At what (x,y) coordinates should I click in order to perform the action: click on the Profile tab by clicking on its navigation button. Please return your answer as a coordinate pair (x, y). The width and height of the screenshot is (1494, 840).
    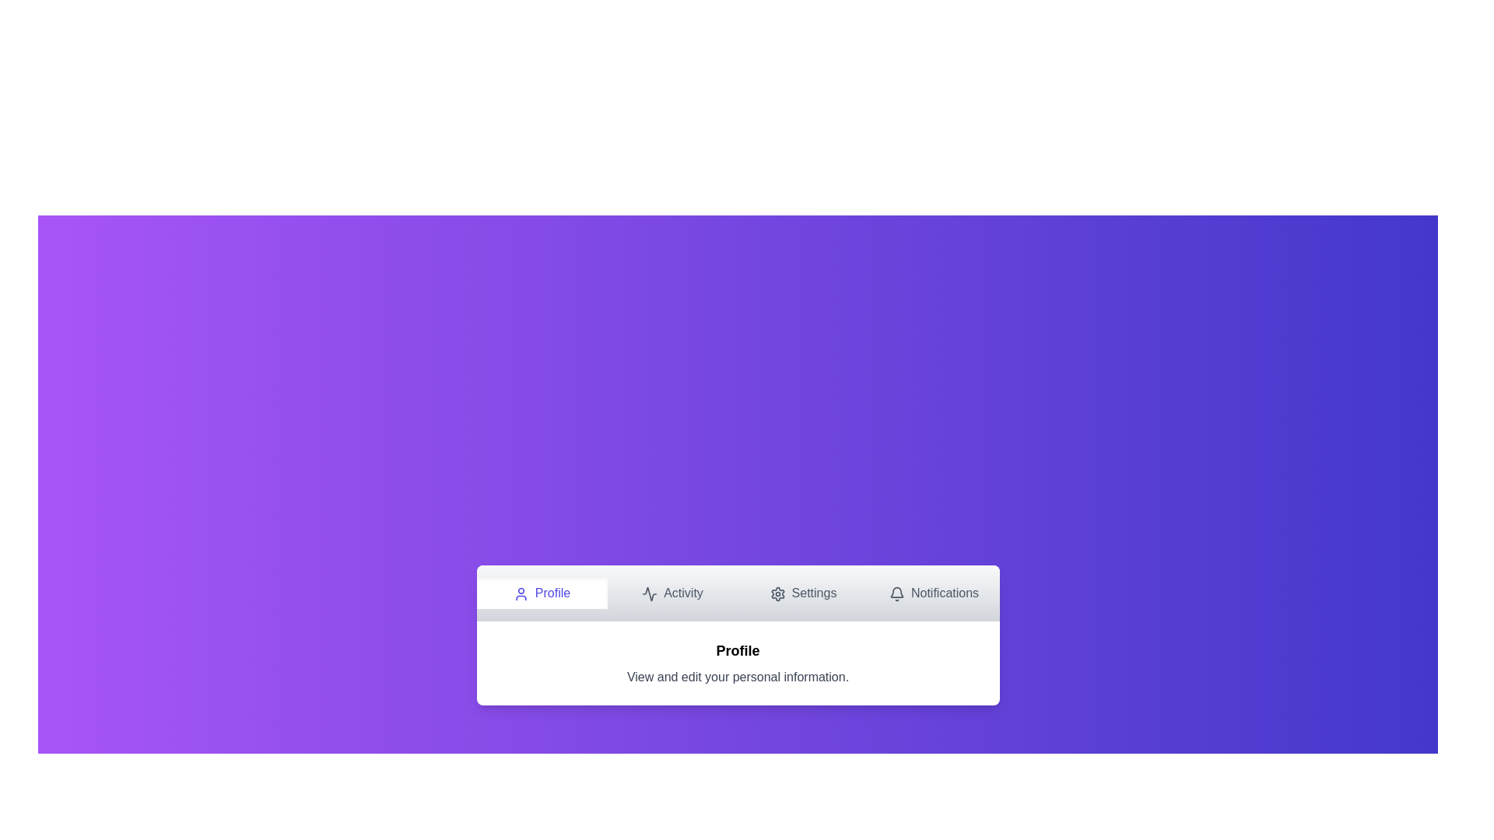
    Looking at the image, I should click on (542, 593).